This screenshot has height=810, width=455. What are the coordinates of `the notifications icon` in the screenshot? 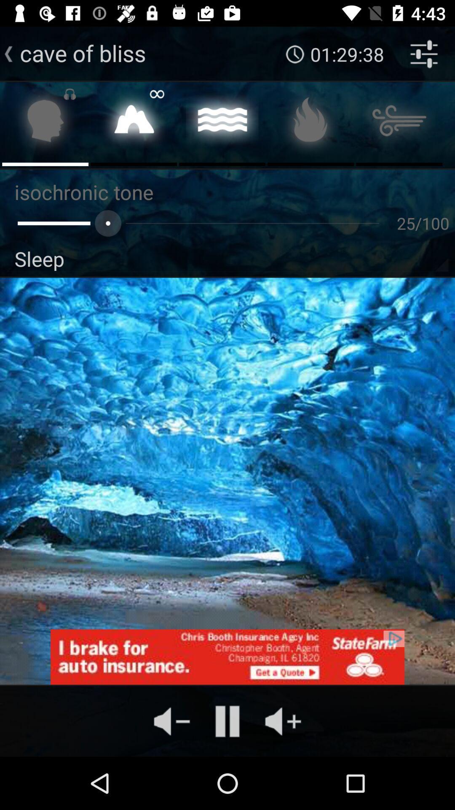 It's located at (133, 123).